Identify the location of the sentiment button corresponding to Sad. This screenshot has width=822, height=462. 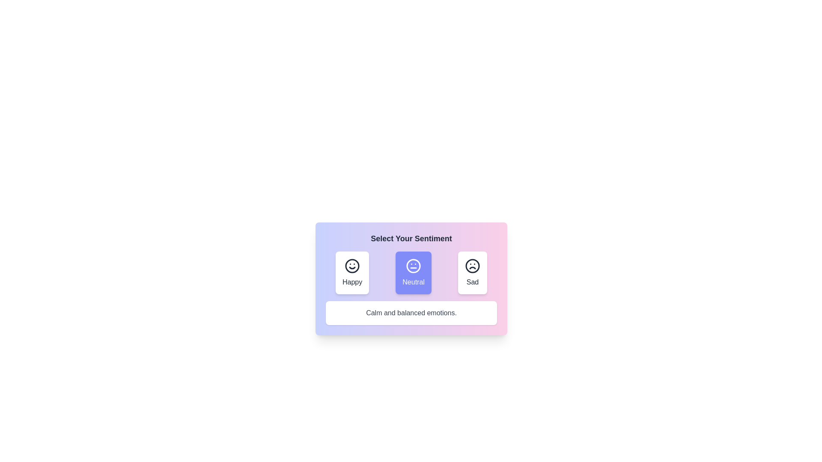
(472, 272).